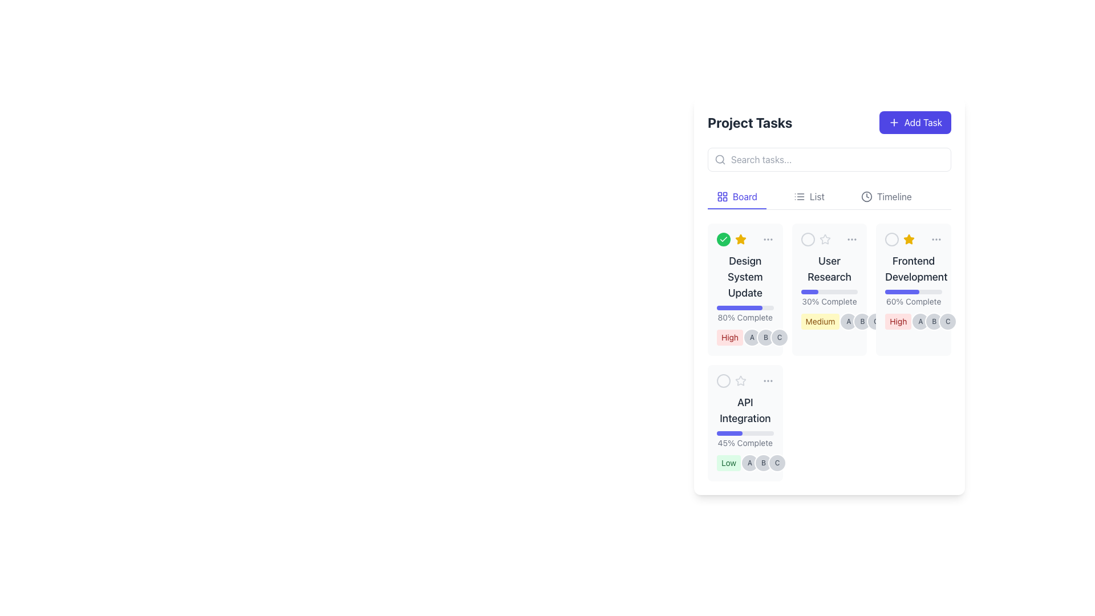 Image resolution: width=1095 pixels, height=616 pixels. Describe the element at coordinates (745, 289) in the screenshot. I see `the card titled 'Design System Update' within the grid layout on the 'Project Tasks' dashboard` at that location.